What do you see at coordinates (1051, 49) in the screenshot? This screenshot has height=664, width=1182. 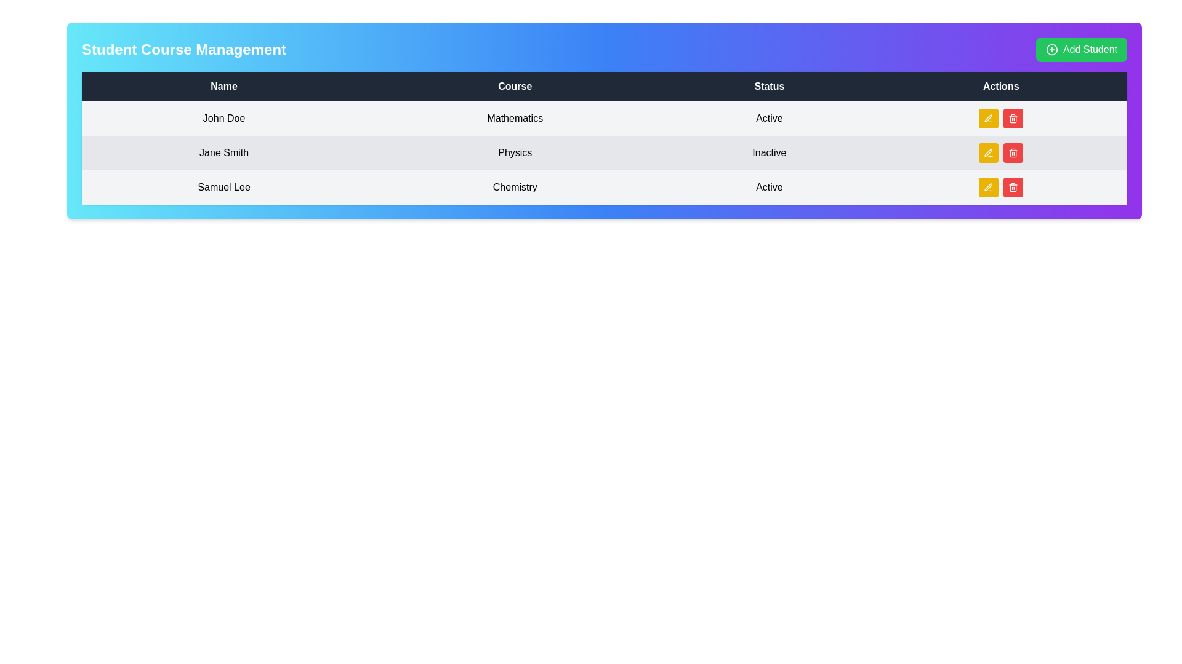 I see `the 'Add Student' button by clicking on the circular part of the icon located at the top-right corner of the interface` at bounding box center [1051, 49].